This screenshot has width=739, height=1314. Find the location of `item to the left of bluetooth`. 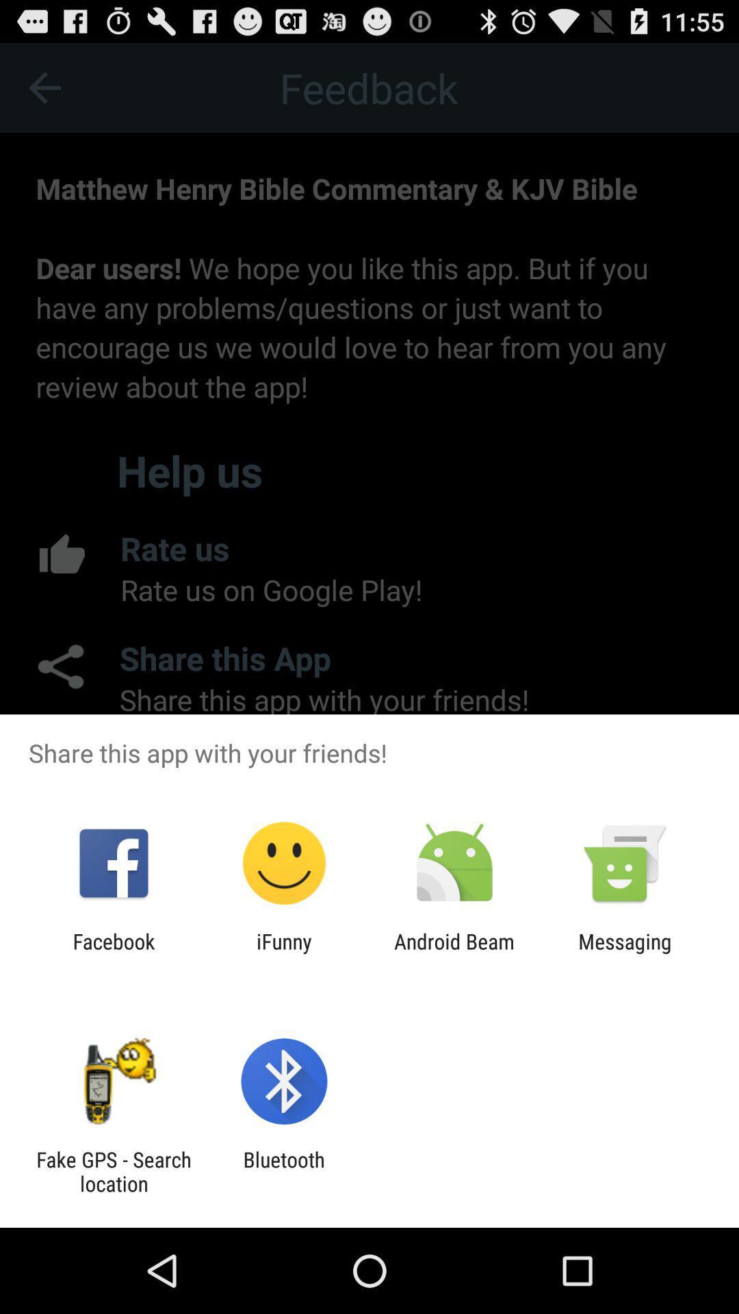

item to the left of bluetooth is located at coordinates (113, 1171).